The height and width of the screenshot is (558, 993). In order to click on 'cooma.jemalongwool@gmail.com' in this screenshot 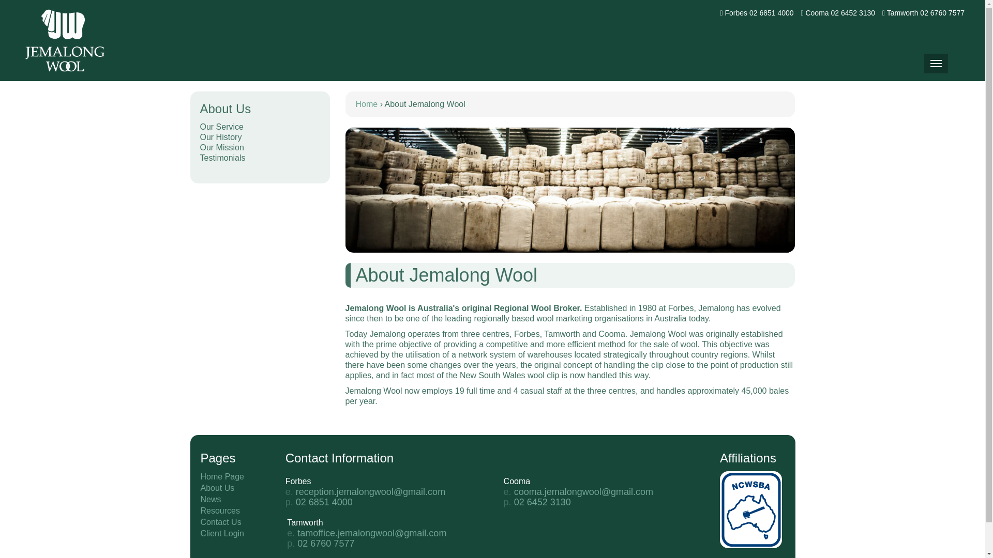, I will do `click(583, 491)`.